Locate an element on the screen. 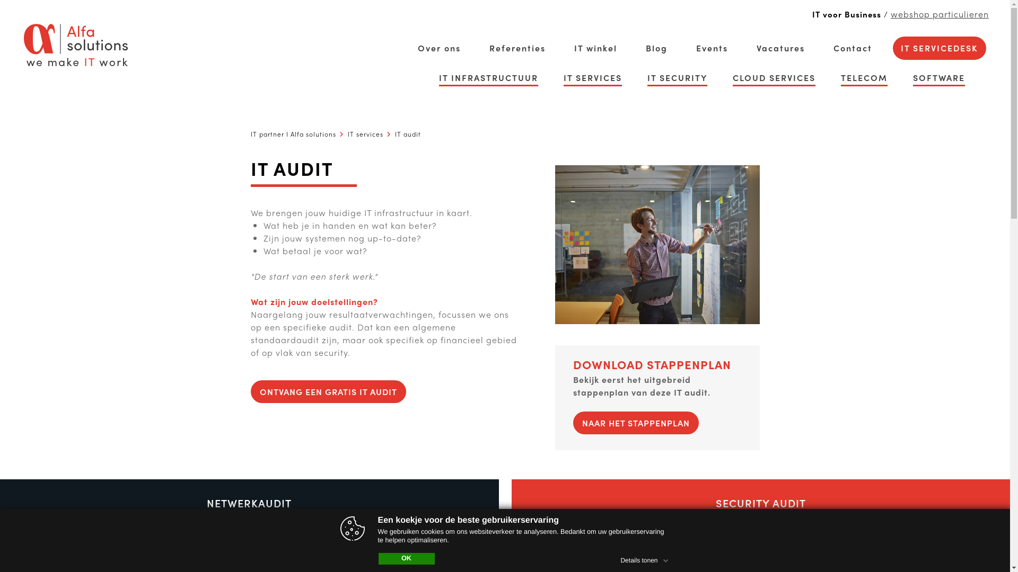 Image resolution: width=1018 pixels, height=572 pixels. 'Details tonen' is located at coordinates (645, 558).